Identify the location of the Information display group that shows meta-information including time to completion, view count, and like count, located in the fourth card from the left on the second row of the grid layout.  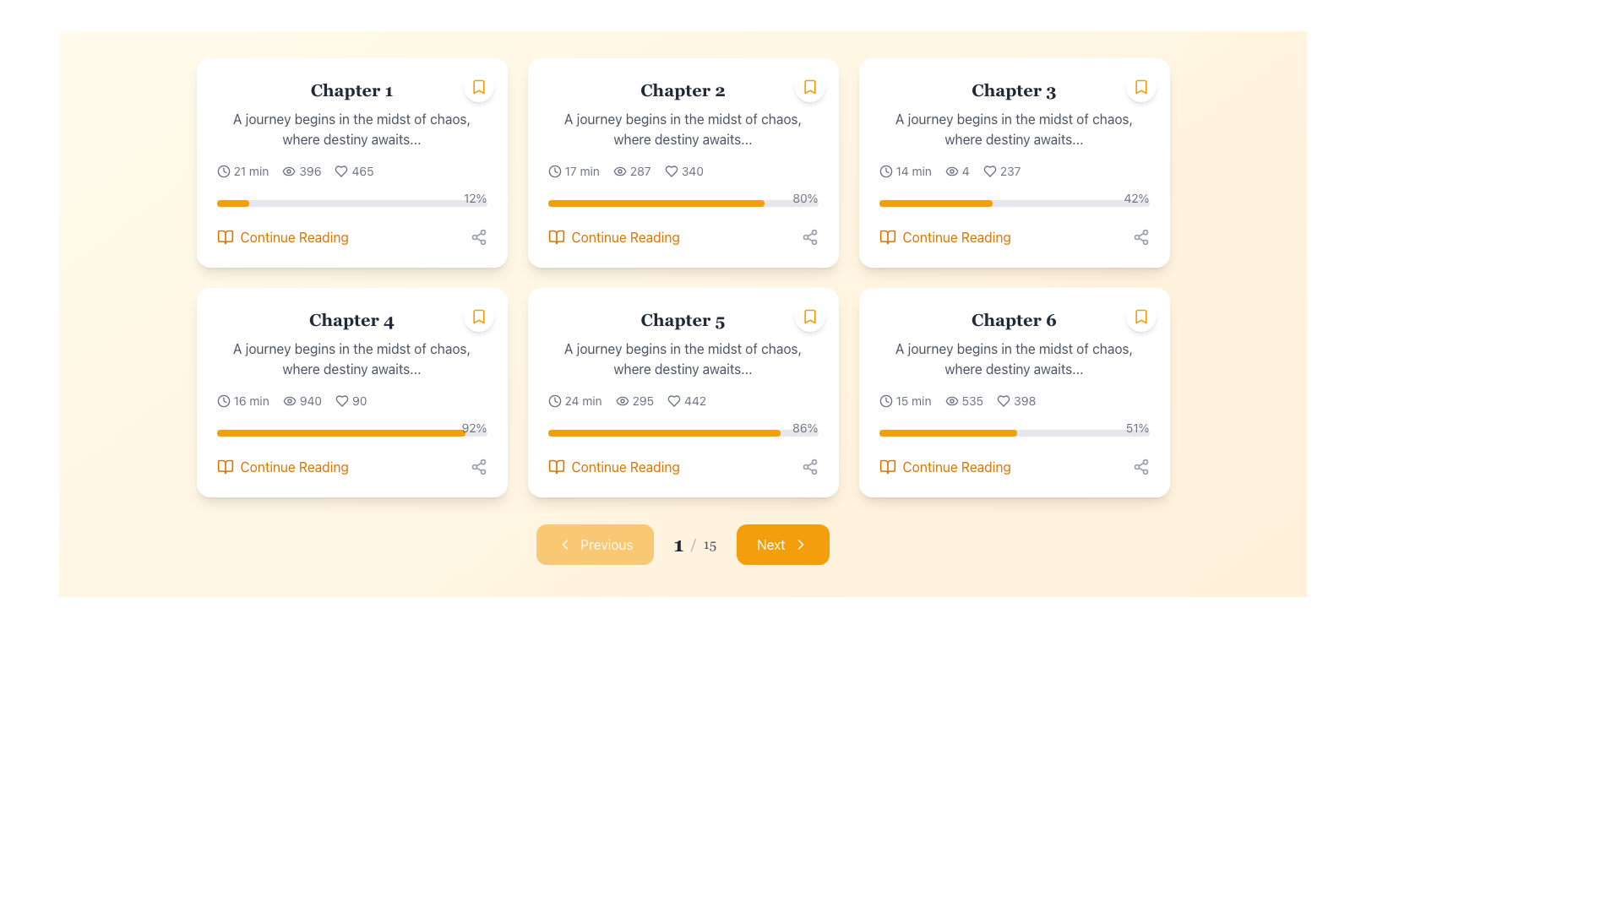
(351, 400).